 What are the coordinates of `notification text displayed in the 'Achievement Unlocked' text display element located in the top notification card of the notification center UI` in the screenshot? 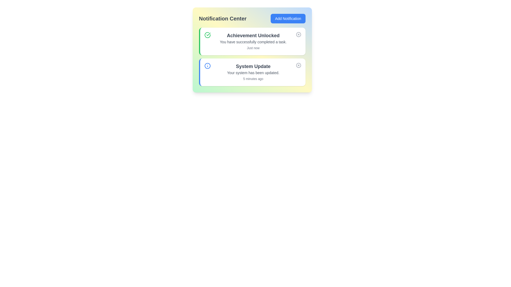 It's located at (253, 41).